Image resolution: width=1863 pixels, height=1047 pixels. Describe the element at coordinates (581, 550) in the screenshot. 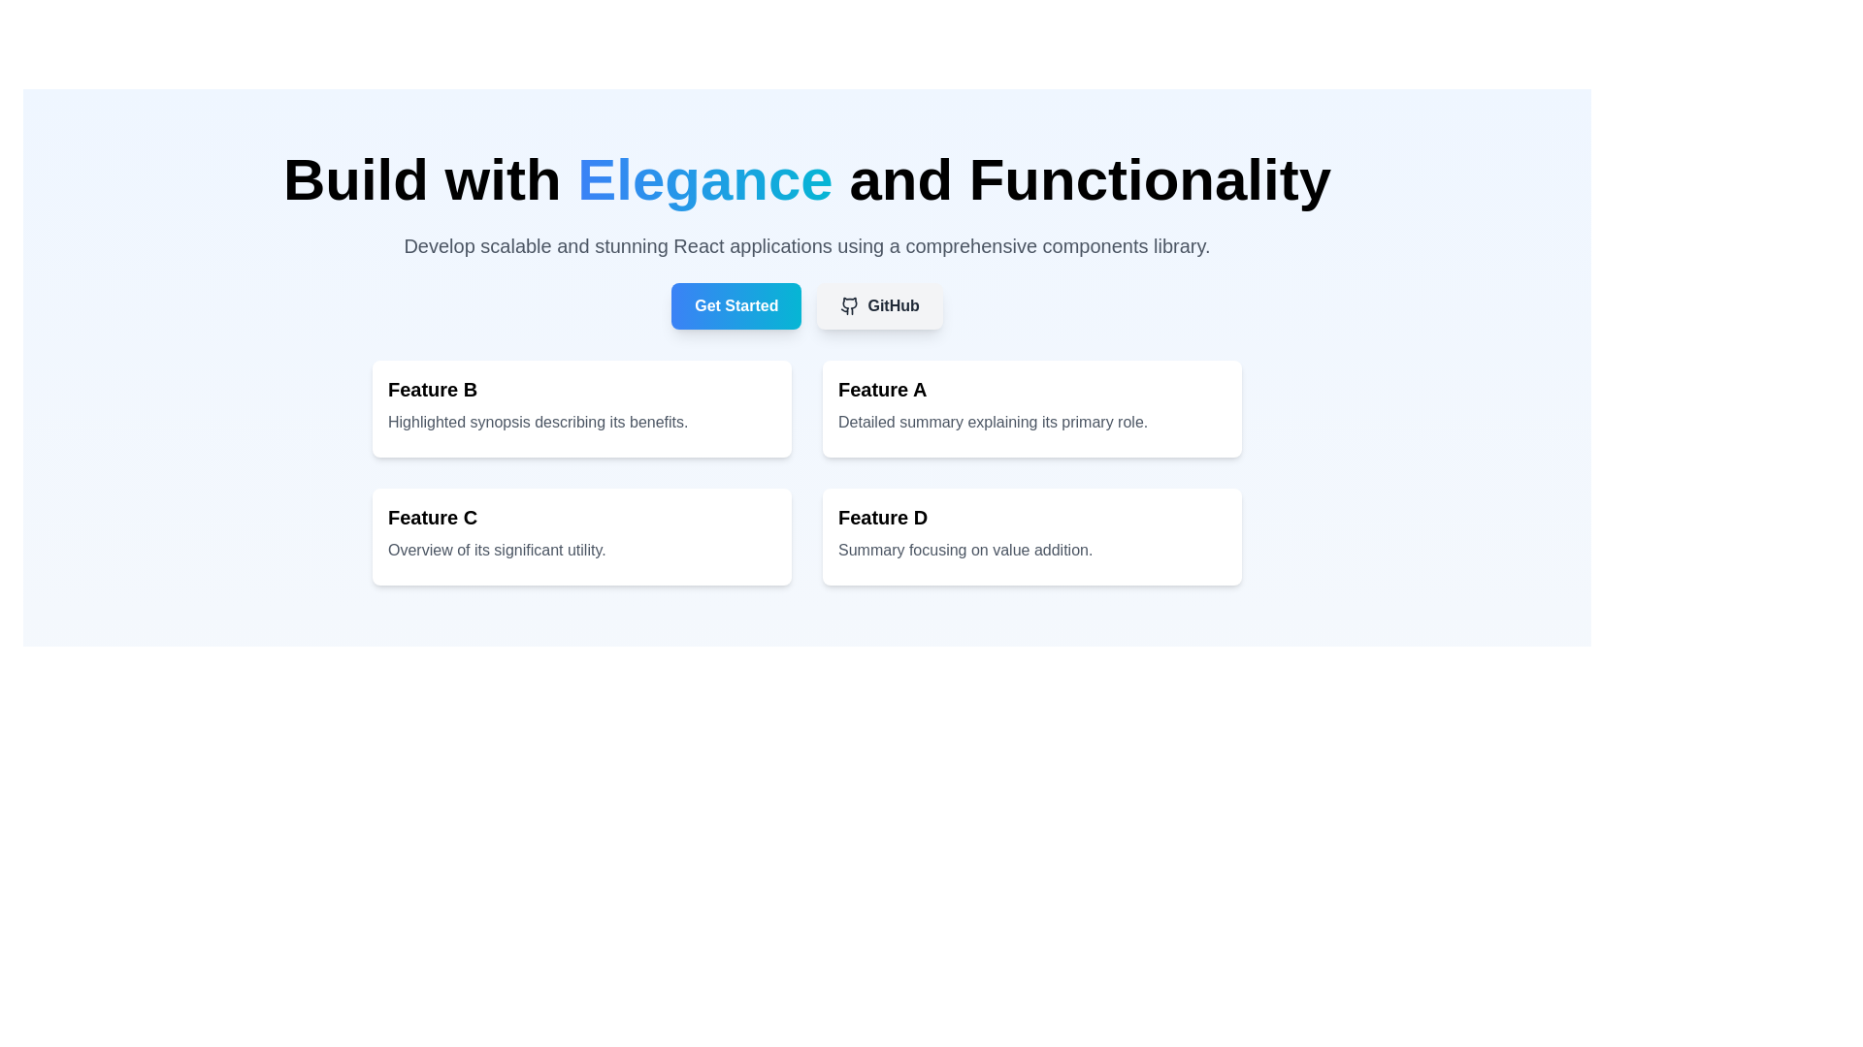

I see `the text line reading 'Overview of its significant utility.' that is styled in gray and located below the title 'Feature C'` at that location.